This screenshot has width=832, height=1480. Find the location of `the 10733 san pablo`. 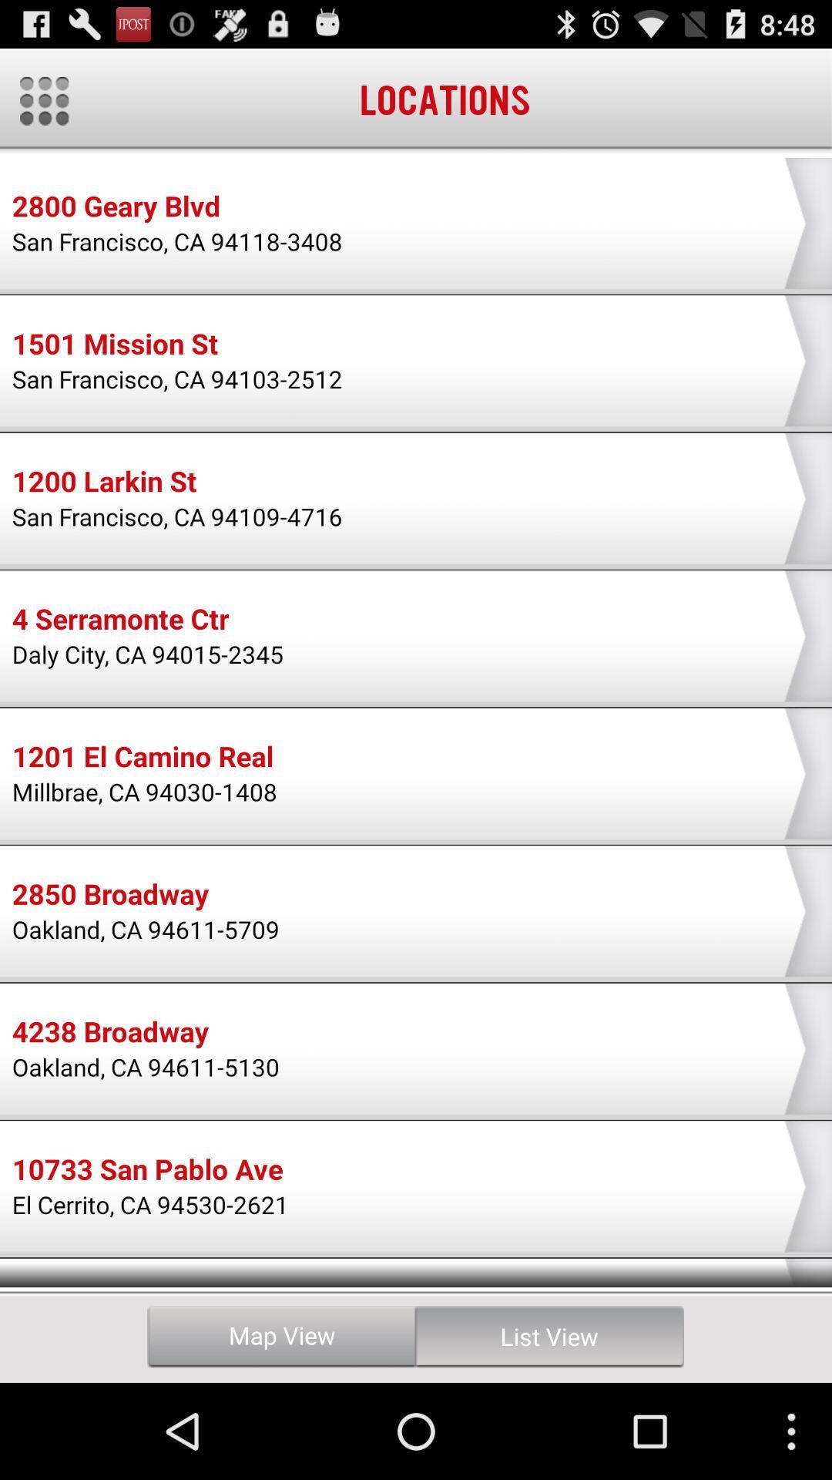

the 10733 san pablo is located at coordinates (147, 1172).